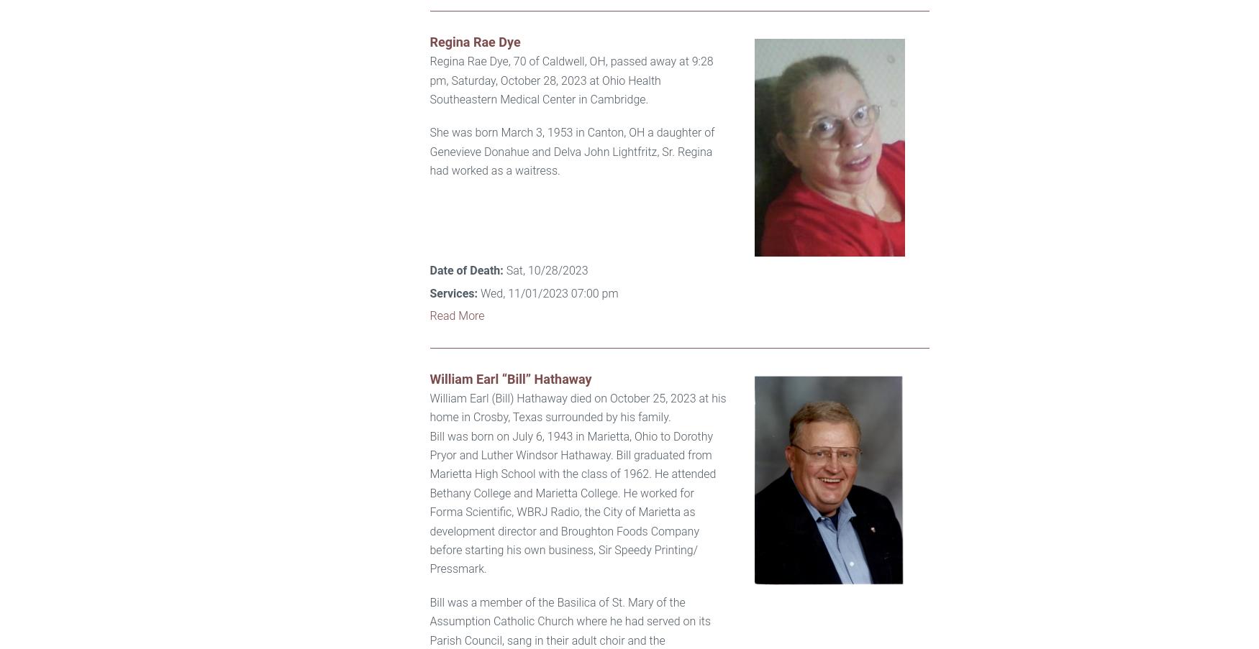 The image size is (1259, 649). Describe the element at coordinates (476, 292) in the screenshot. I see `'Wed, 11/01/2023 07:00 pm'` at that location.